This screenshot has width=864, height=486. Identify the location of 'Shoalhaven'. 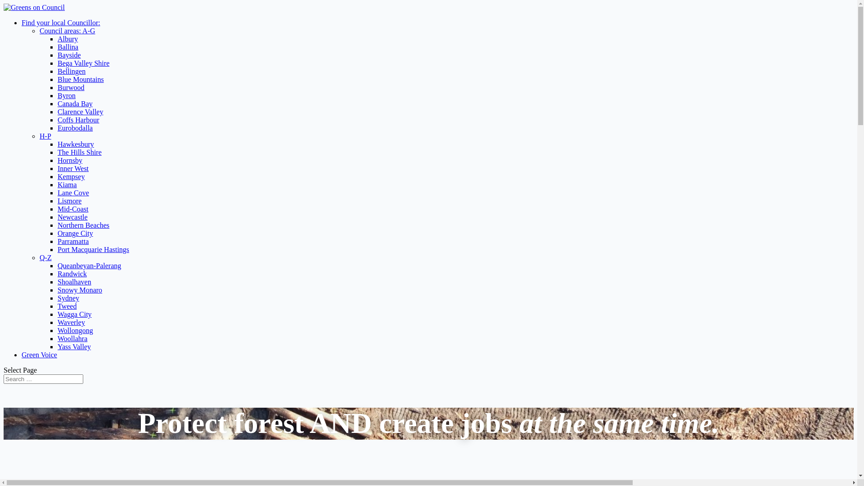
(74, 281).